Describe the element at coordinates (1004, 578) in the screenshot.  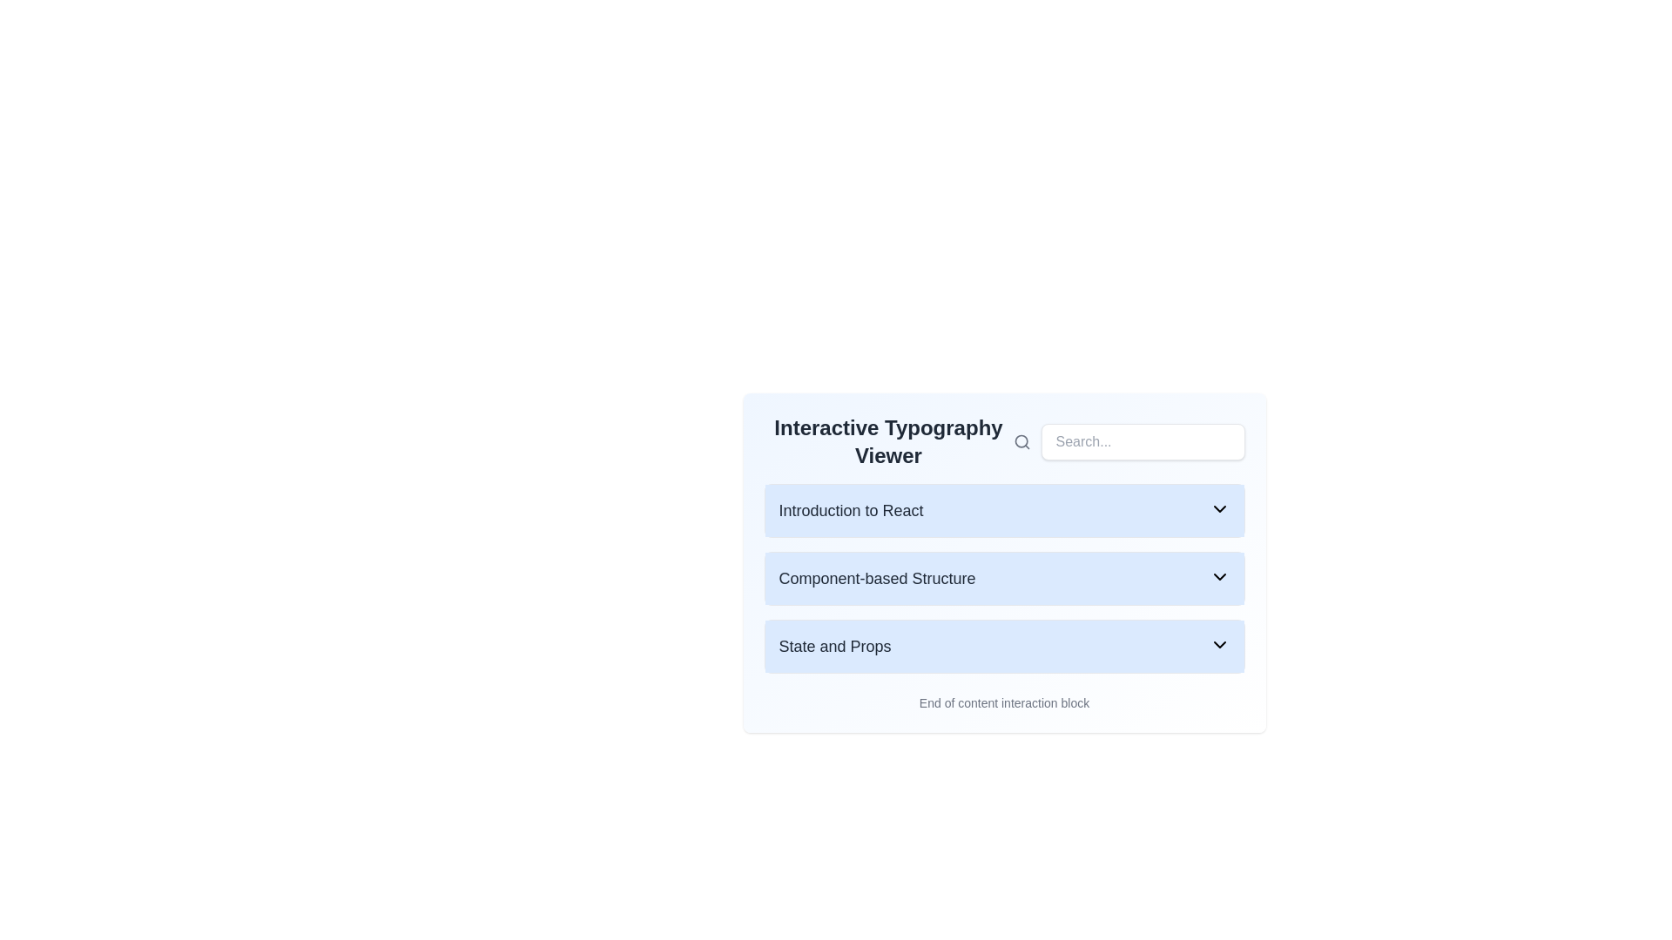
I see `the expandable list item labeled 'Component-based Structure'` at that location.